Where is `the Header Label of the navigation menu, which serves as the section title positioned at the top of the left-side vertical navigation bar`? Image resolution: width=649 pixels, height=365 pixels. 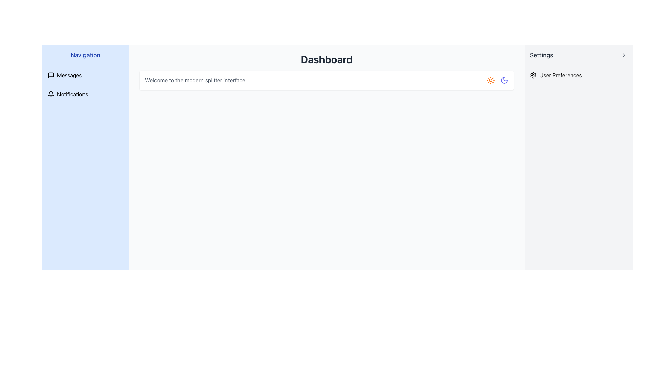 the Header Label of the navigation menu, which serves as the section title positioned at the top of the left-side vertical navigation bar is located at coordinates (85, 55).